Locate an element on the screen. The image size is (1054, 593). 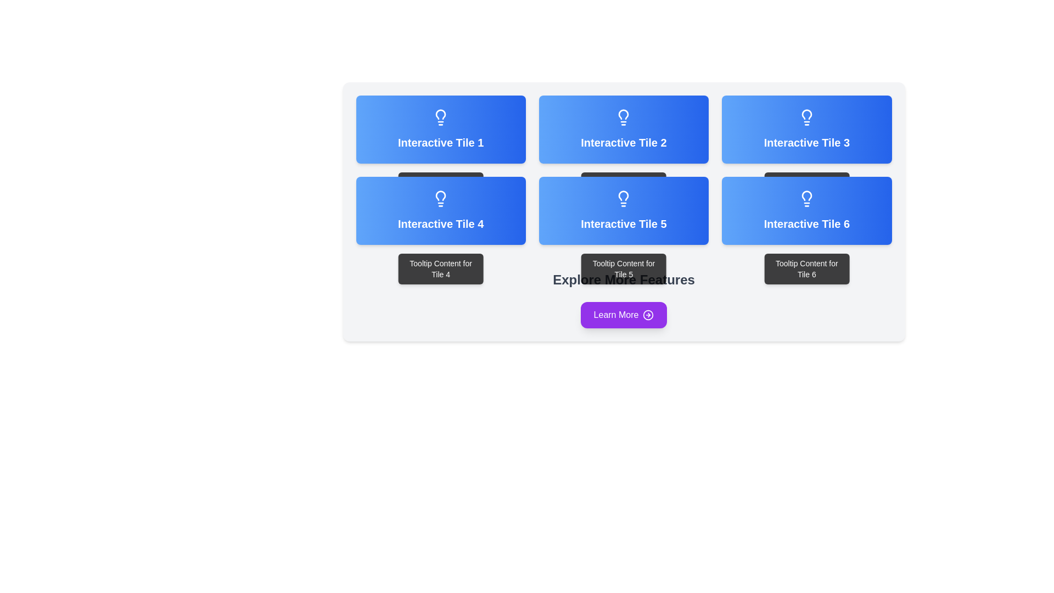
the decorative graphic within the lightbulb icon located in Interactive Tile 6 at the bottom right corner of the layout is located at coordinates (806, 195).